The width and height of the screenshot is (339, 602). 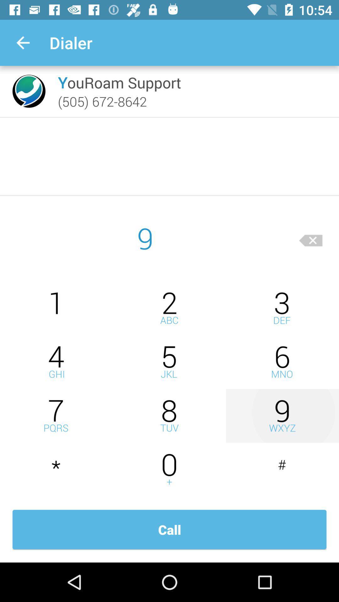 I want to click on zero, so click(x=169, y=470).